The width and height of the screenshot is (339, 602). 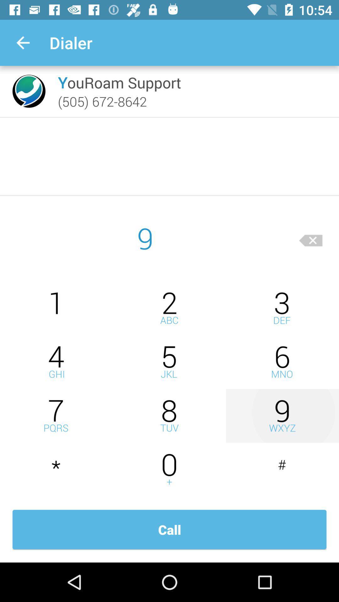 I want to click on zero, so click(x=169, y=470).